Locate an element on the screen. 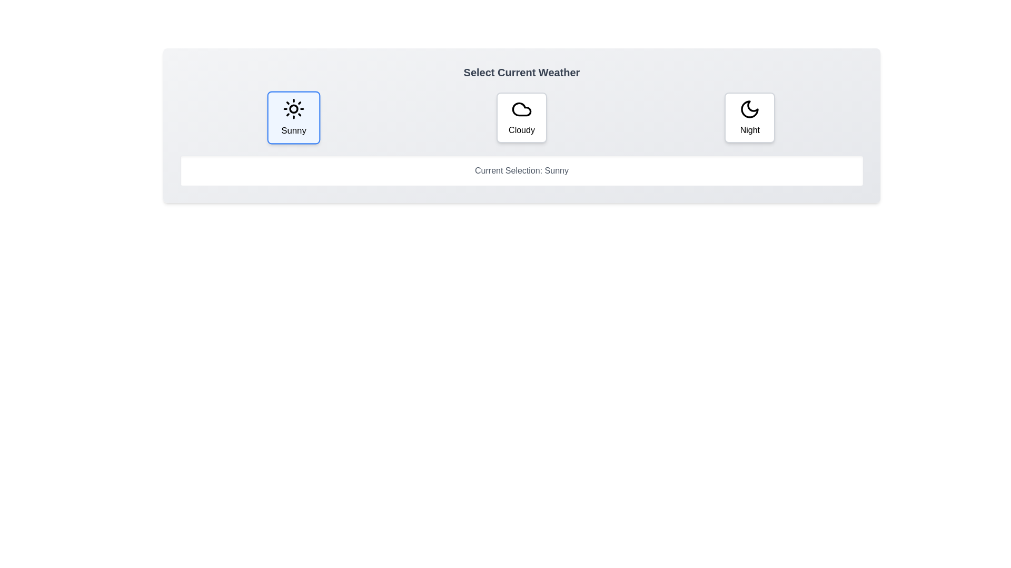  the weather button labeled Sunny to observe the hover effect is located at coordinates (294, 117).